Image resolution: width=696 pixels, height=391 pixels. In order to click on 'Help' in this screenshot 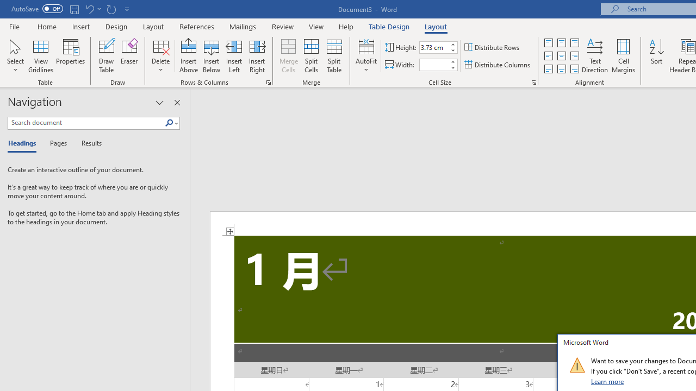, I will do `click(346, 26)`.